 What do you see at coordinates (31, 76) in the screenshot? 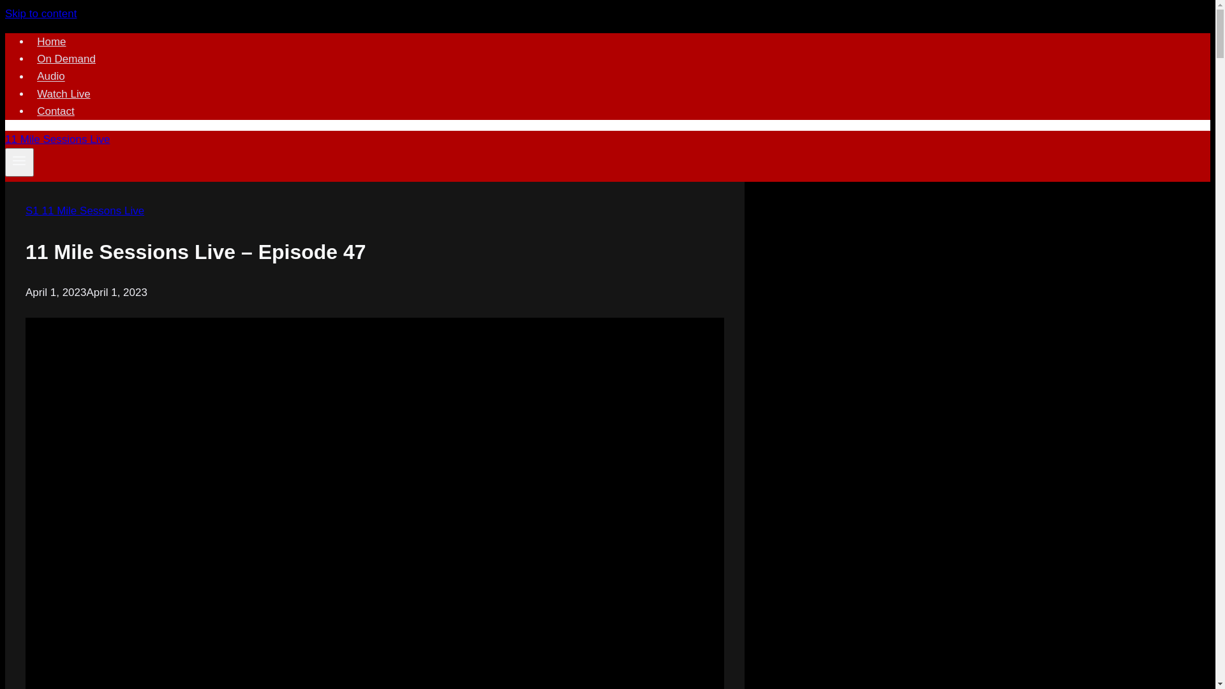
I see `'Audio'` at bounding box center [31, 76].